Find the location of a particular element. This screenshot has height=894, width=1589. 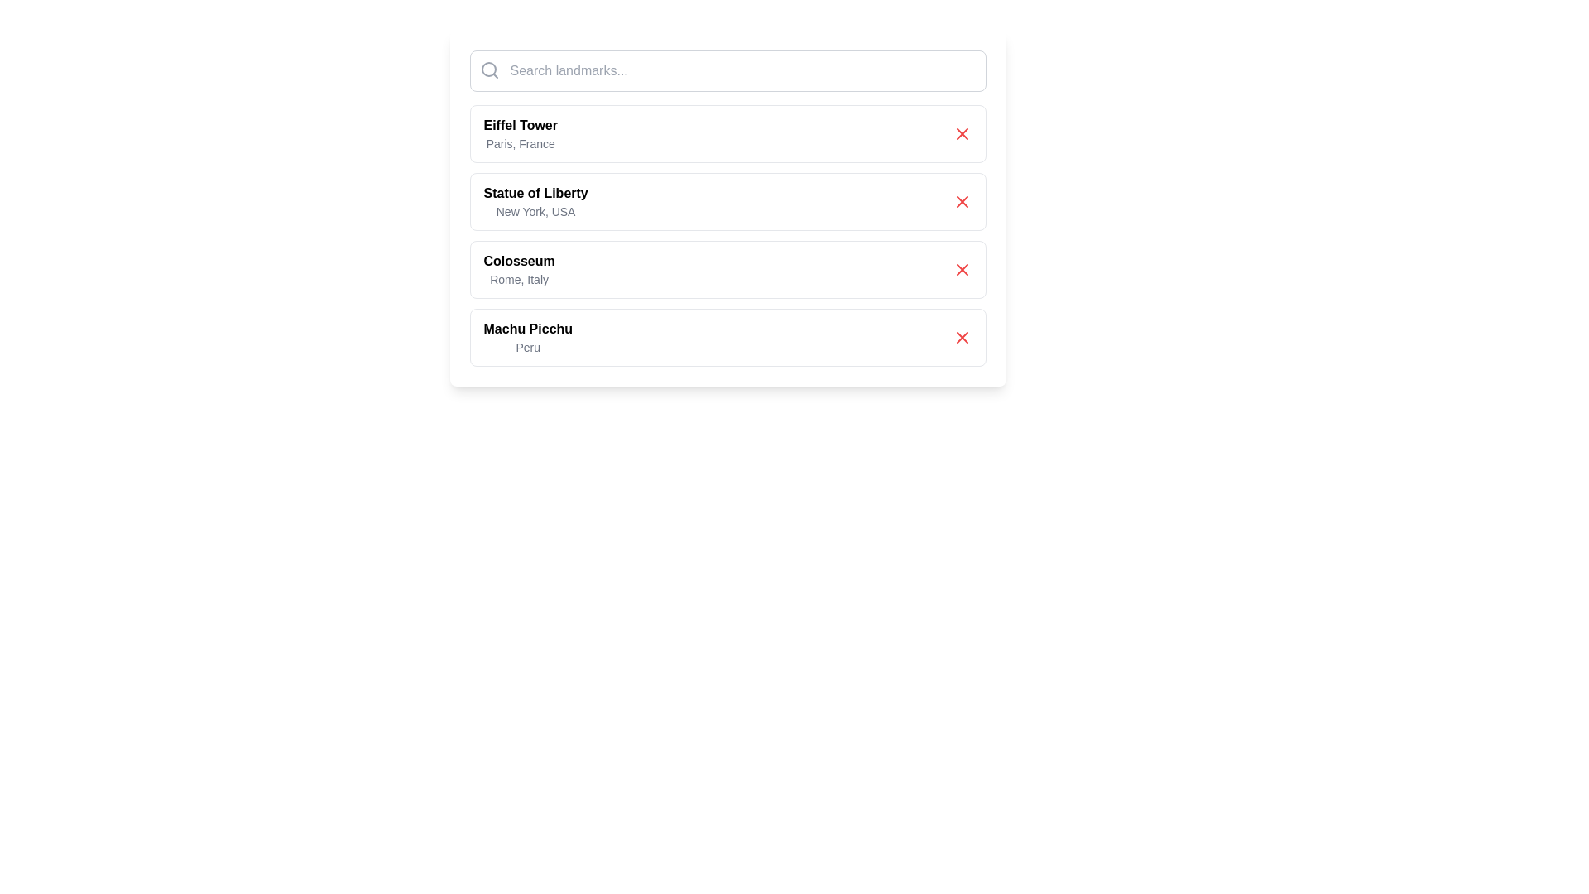

the red 'X' icon button representing close or delete functionality, located at the far right end of the 'Colosseum' row entry in the list is located at coordinates (962, 269).